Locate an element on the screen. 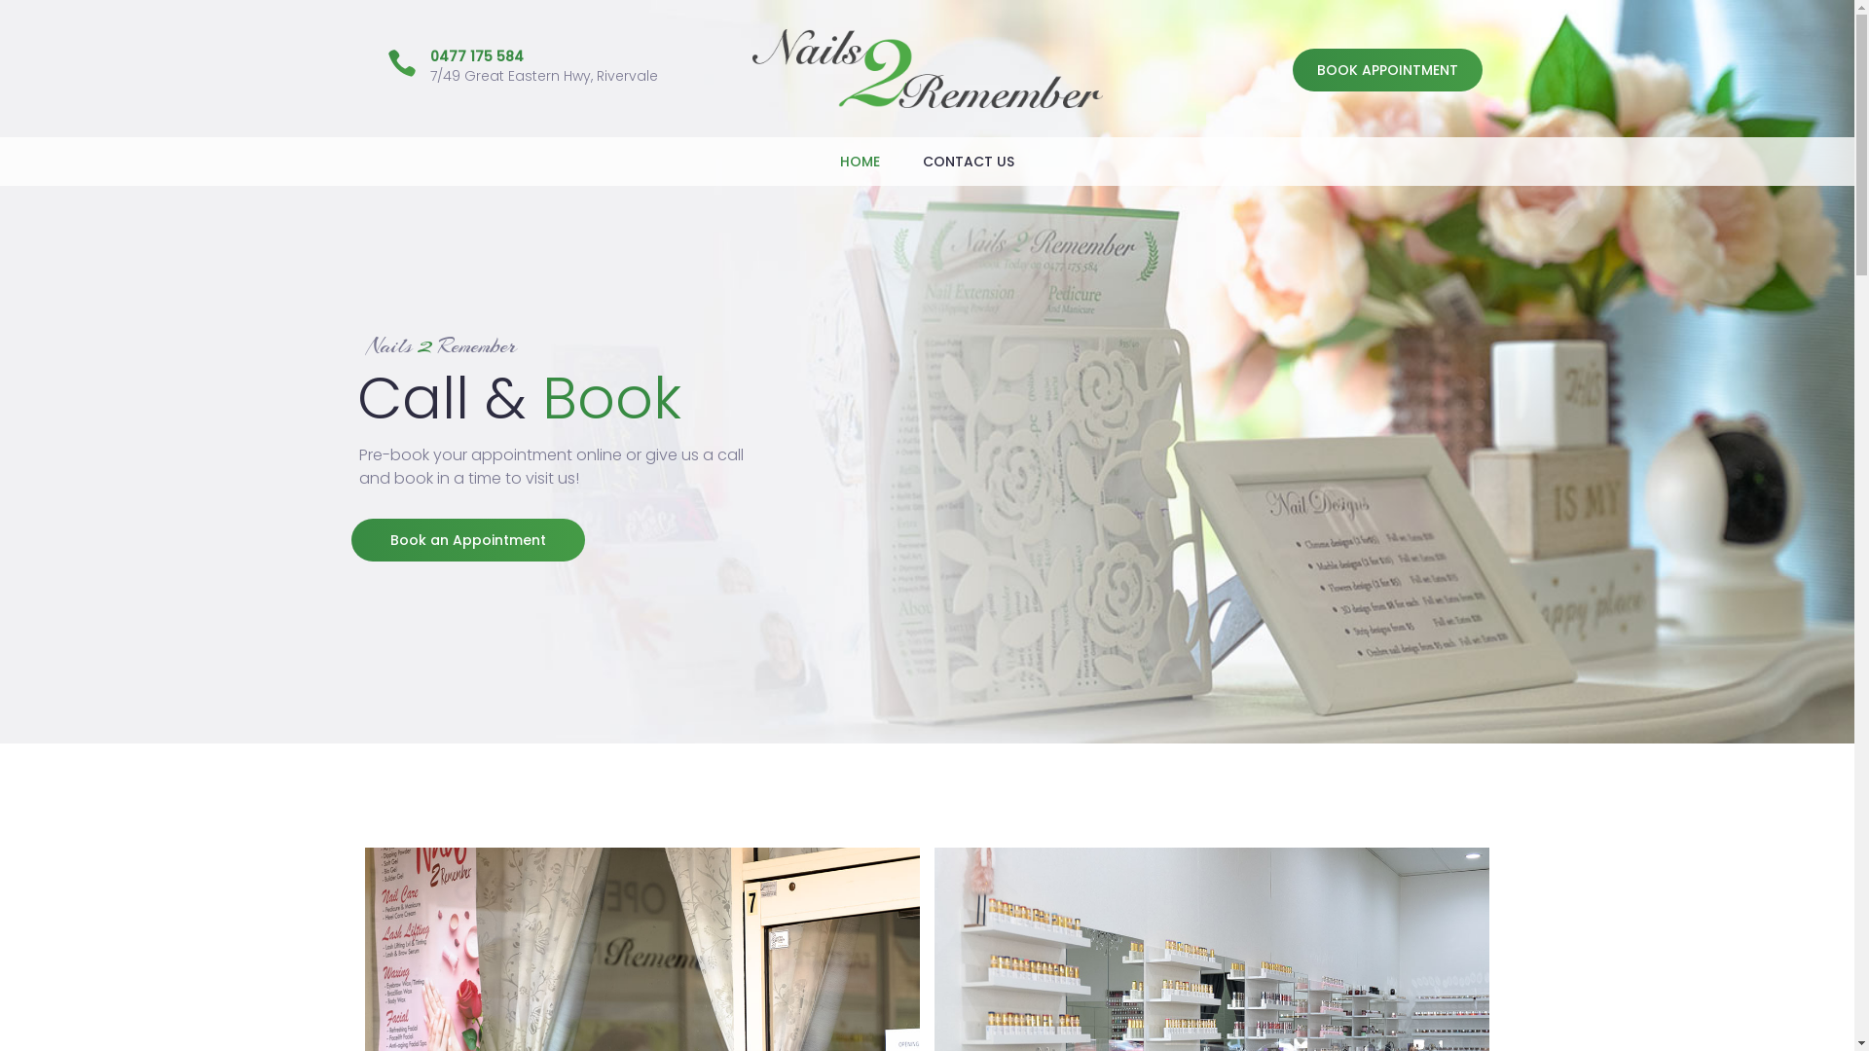  'BOOK APPOINTMENT' is located at coordinates (1386, 69).